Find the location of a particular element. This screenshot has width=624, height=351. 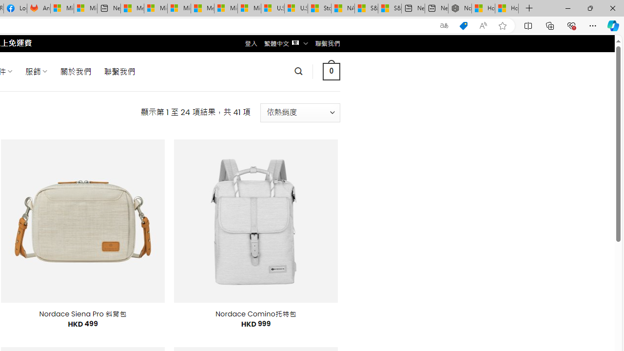

'Copilot (Ctrl+Shift+.)' is located at coordinates (613, 25).